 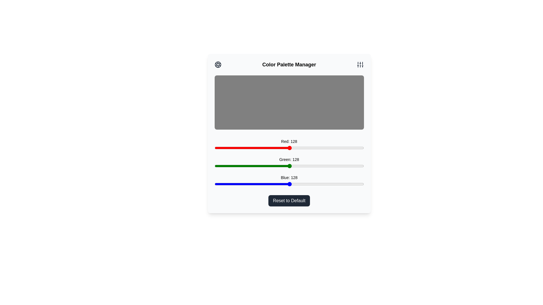 I want to click on the sliders icon in the header, so click(x=360, y=64).